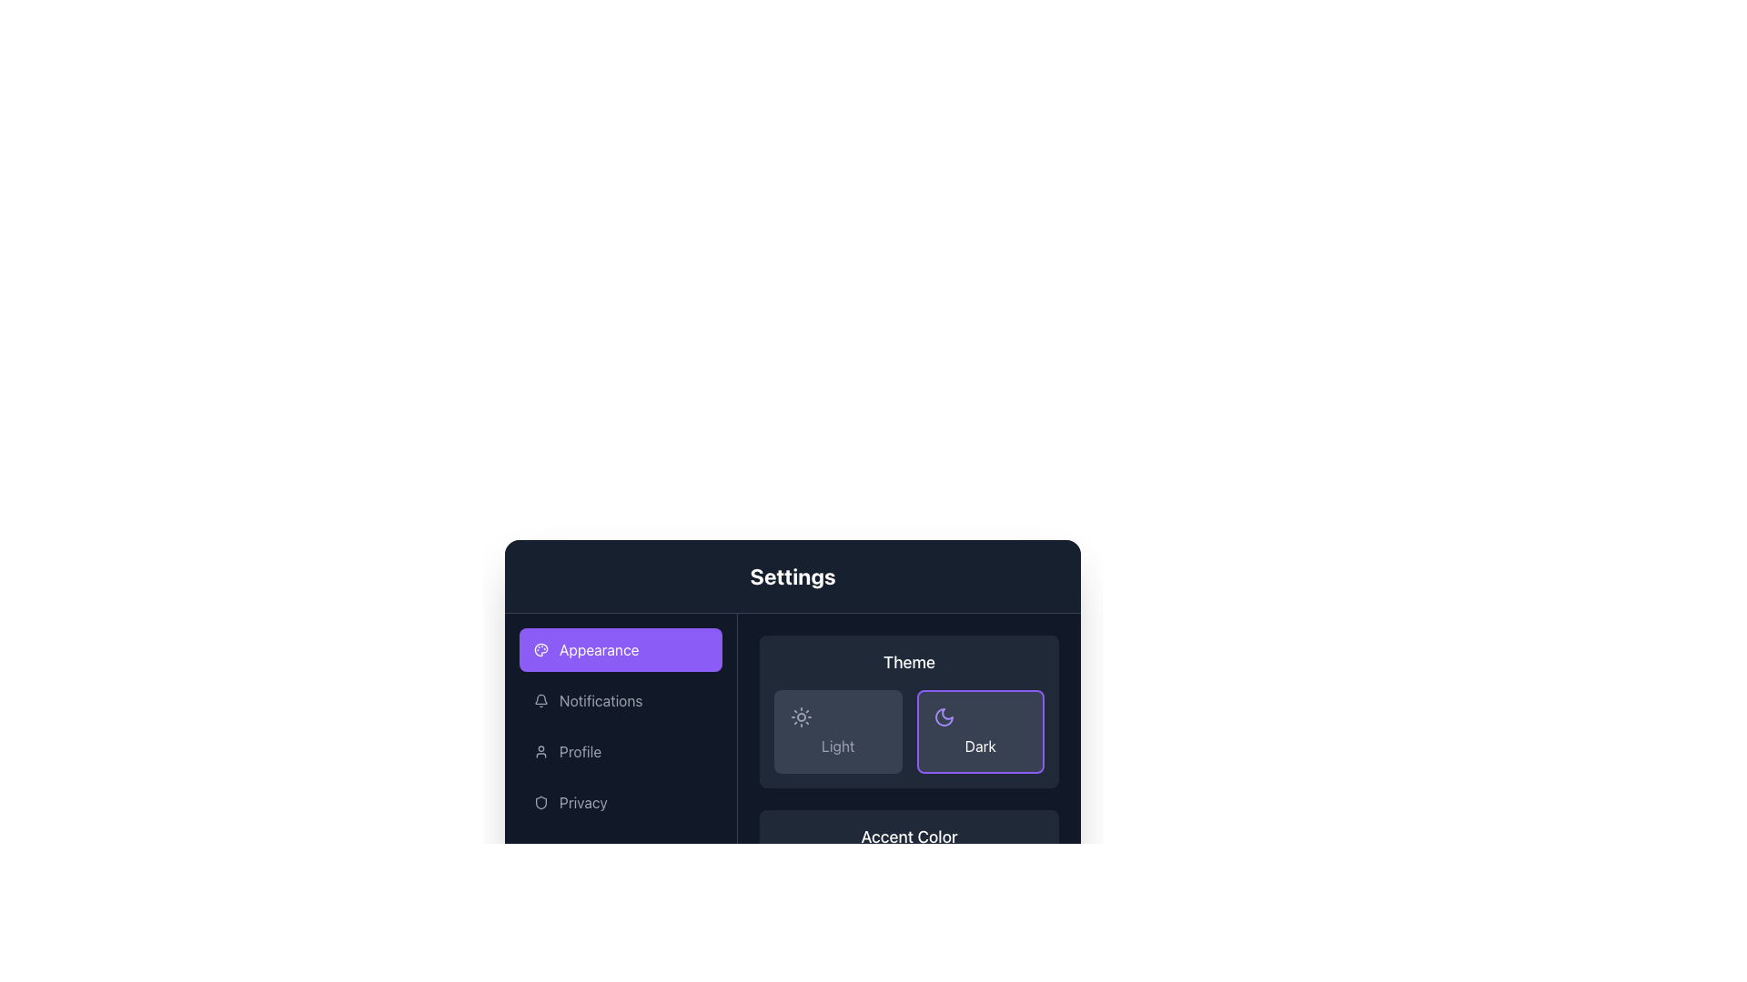  What do you see at coordinates (580, 751) in the screenshot?
I see `text label displaying 'Profile', which is styled with a gray font color and is part of a vertical menu located between 'Notifications' and 'Privacy'` at bounding box center [580, 751].